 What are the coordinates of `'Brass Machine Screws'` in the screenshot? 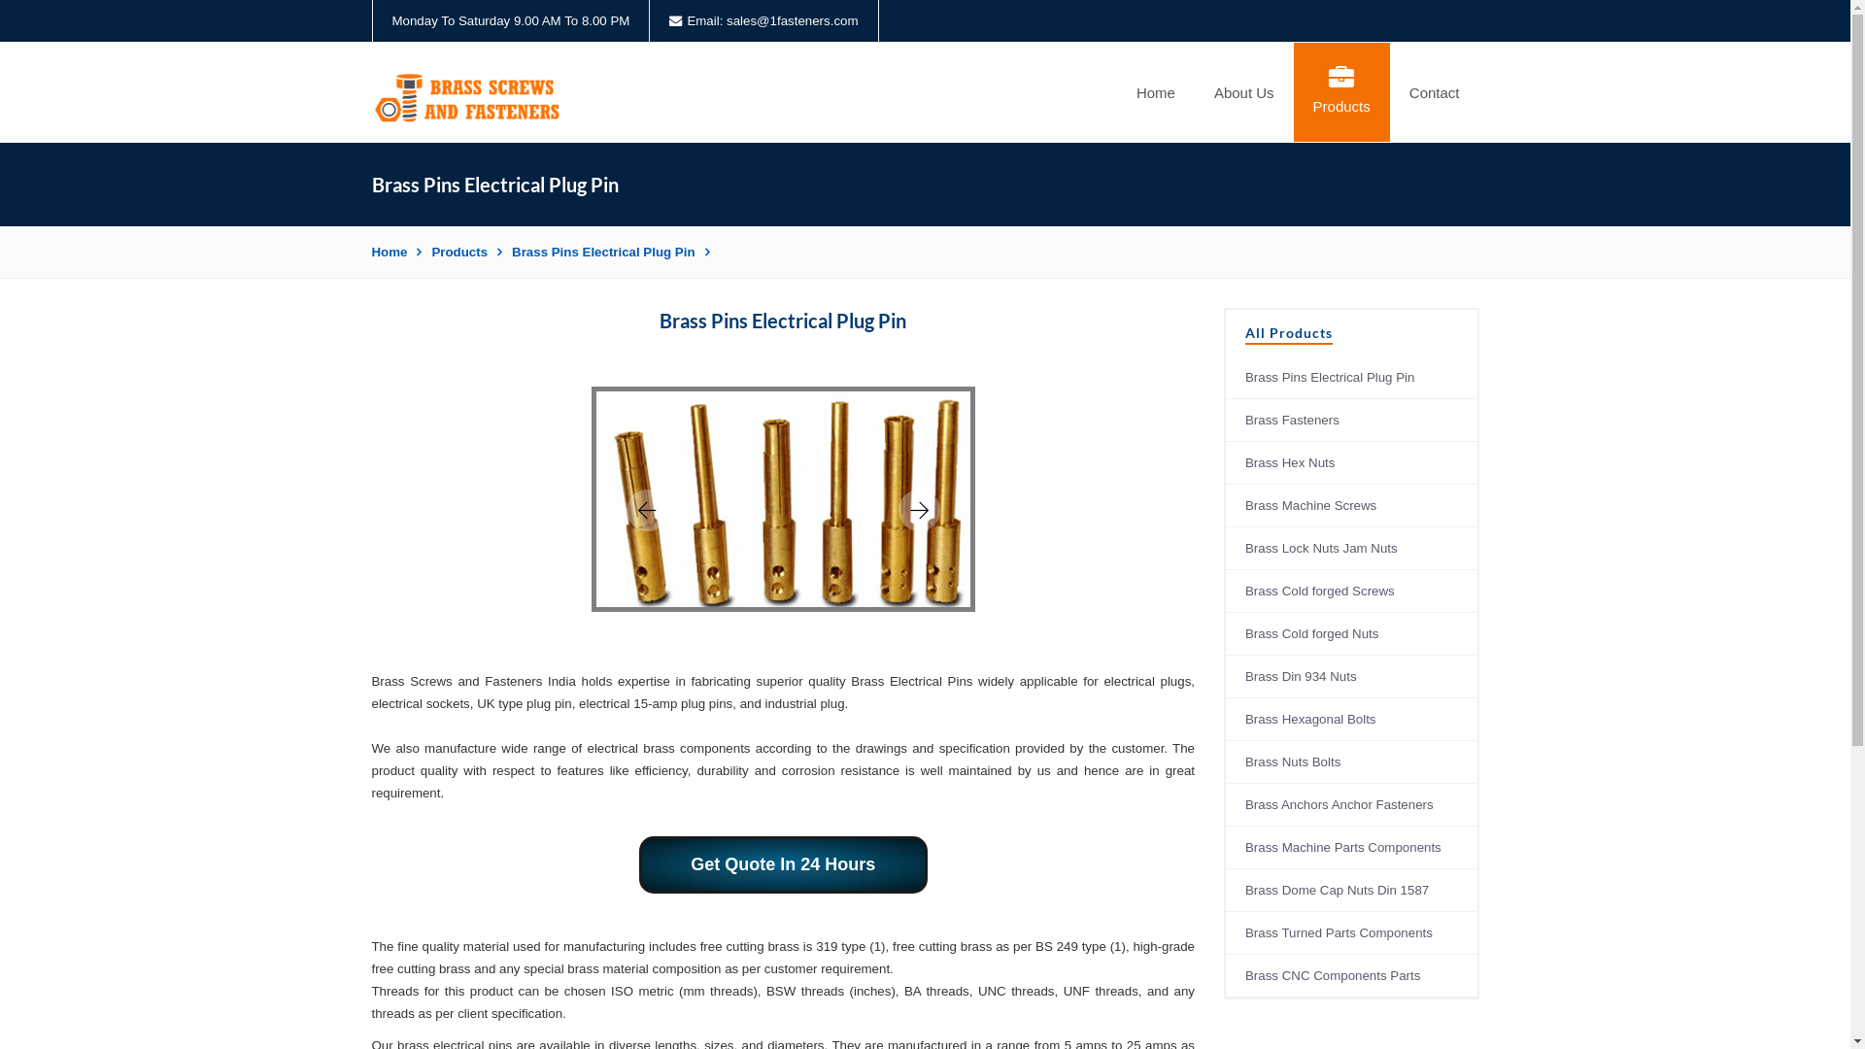 It's located at (1225, 504).